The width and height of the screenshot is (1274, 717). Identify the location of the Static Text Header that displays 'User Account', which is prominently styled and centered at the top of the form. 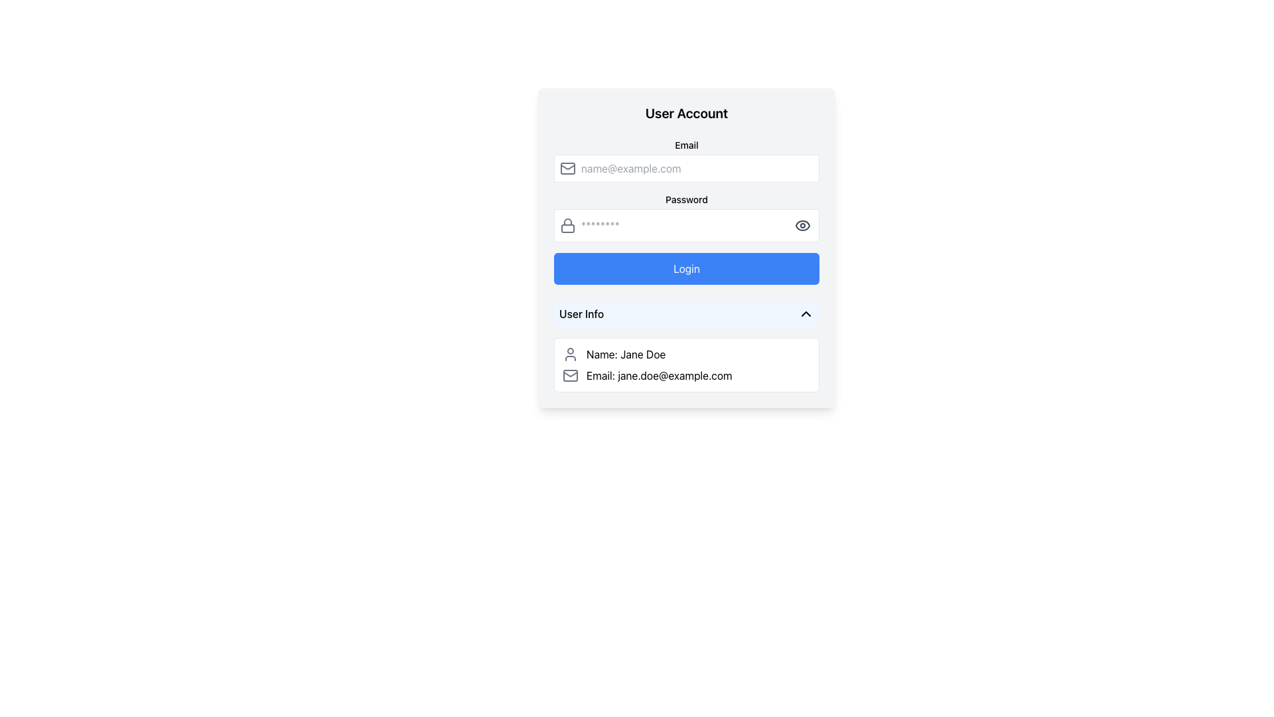
(687, 112).